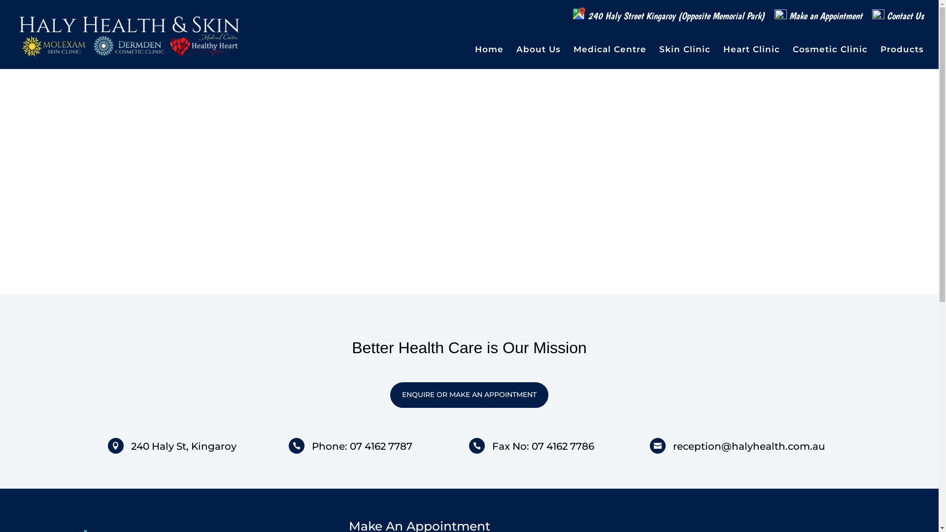 The width and height of the screenshot is (946, 532). Describe the element at coordinates (818, 19) in the screenshot. I see `'Make an Appointment'` at that location.